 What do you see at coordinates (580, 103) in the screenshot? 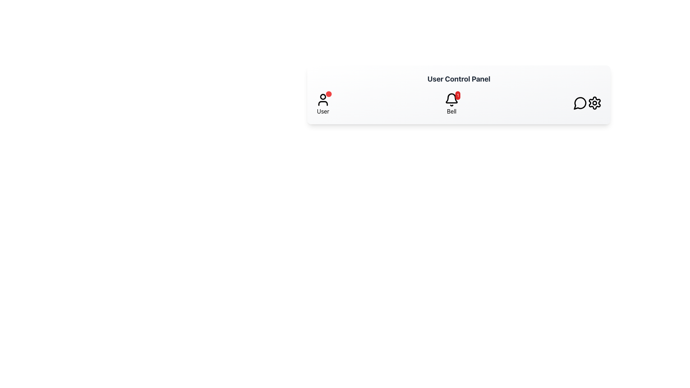
I see `the speech bubble-like icon located in the navigation bar towards the far right side, adjacent` at bounding box center [580, 103].